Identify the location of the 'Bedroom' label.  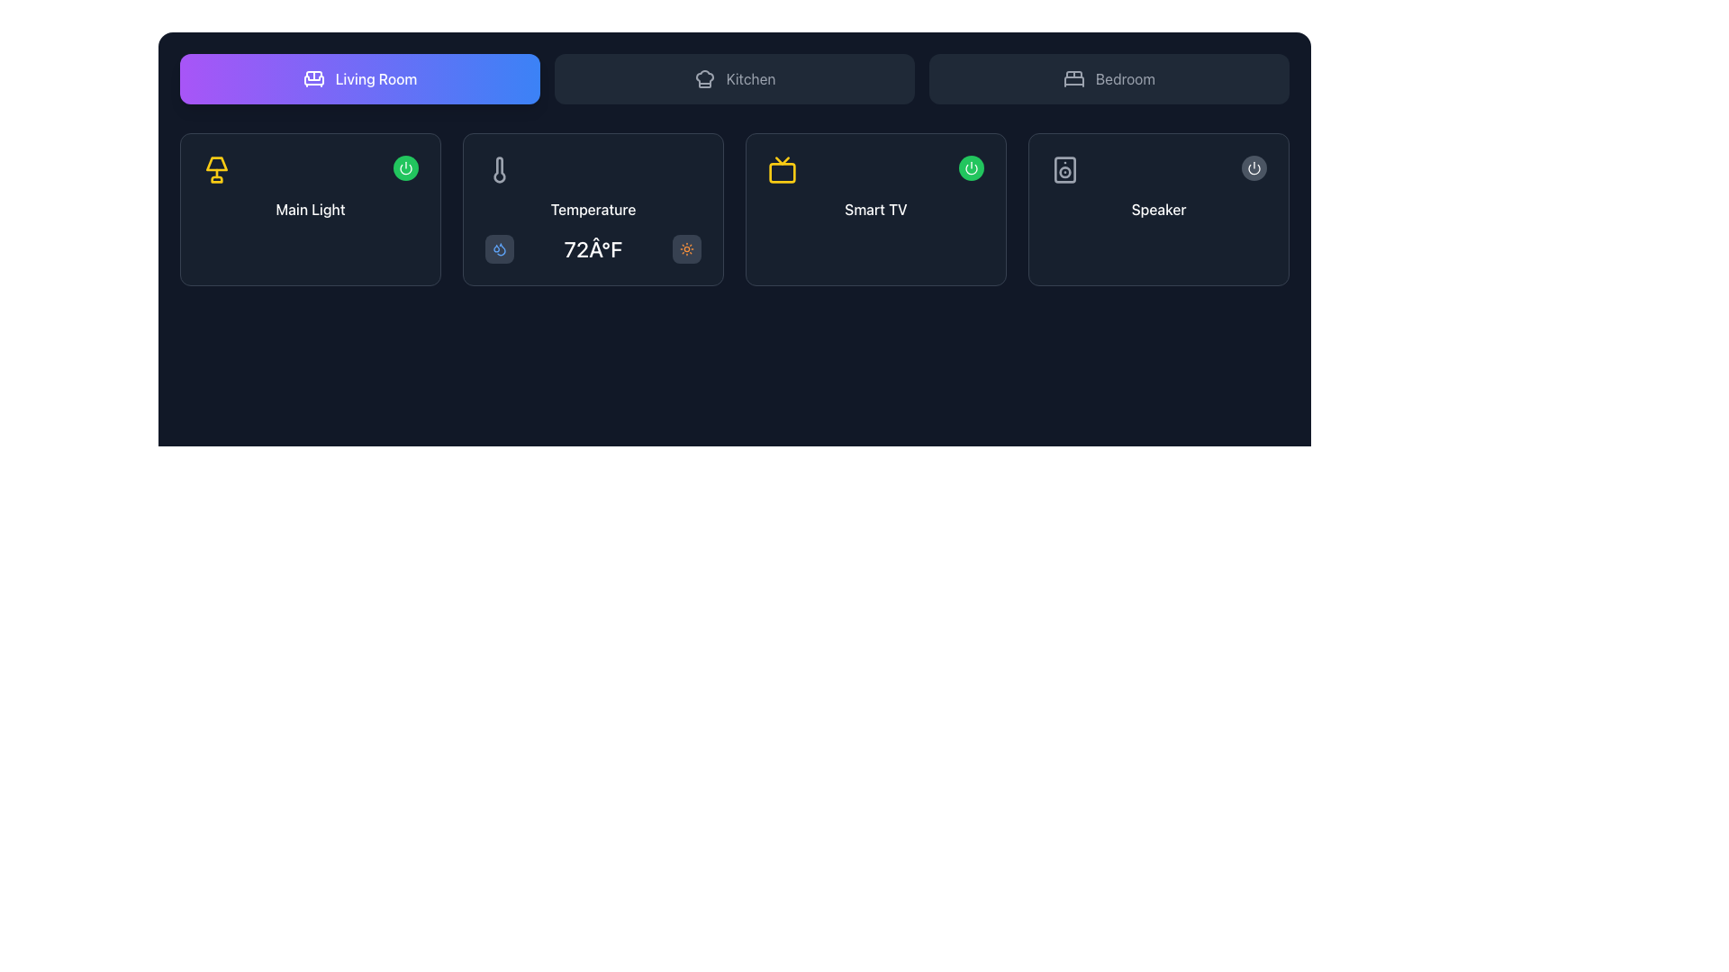
(1109, 78).